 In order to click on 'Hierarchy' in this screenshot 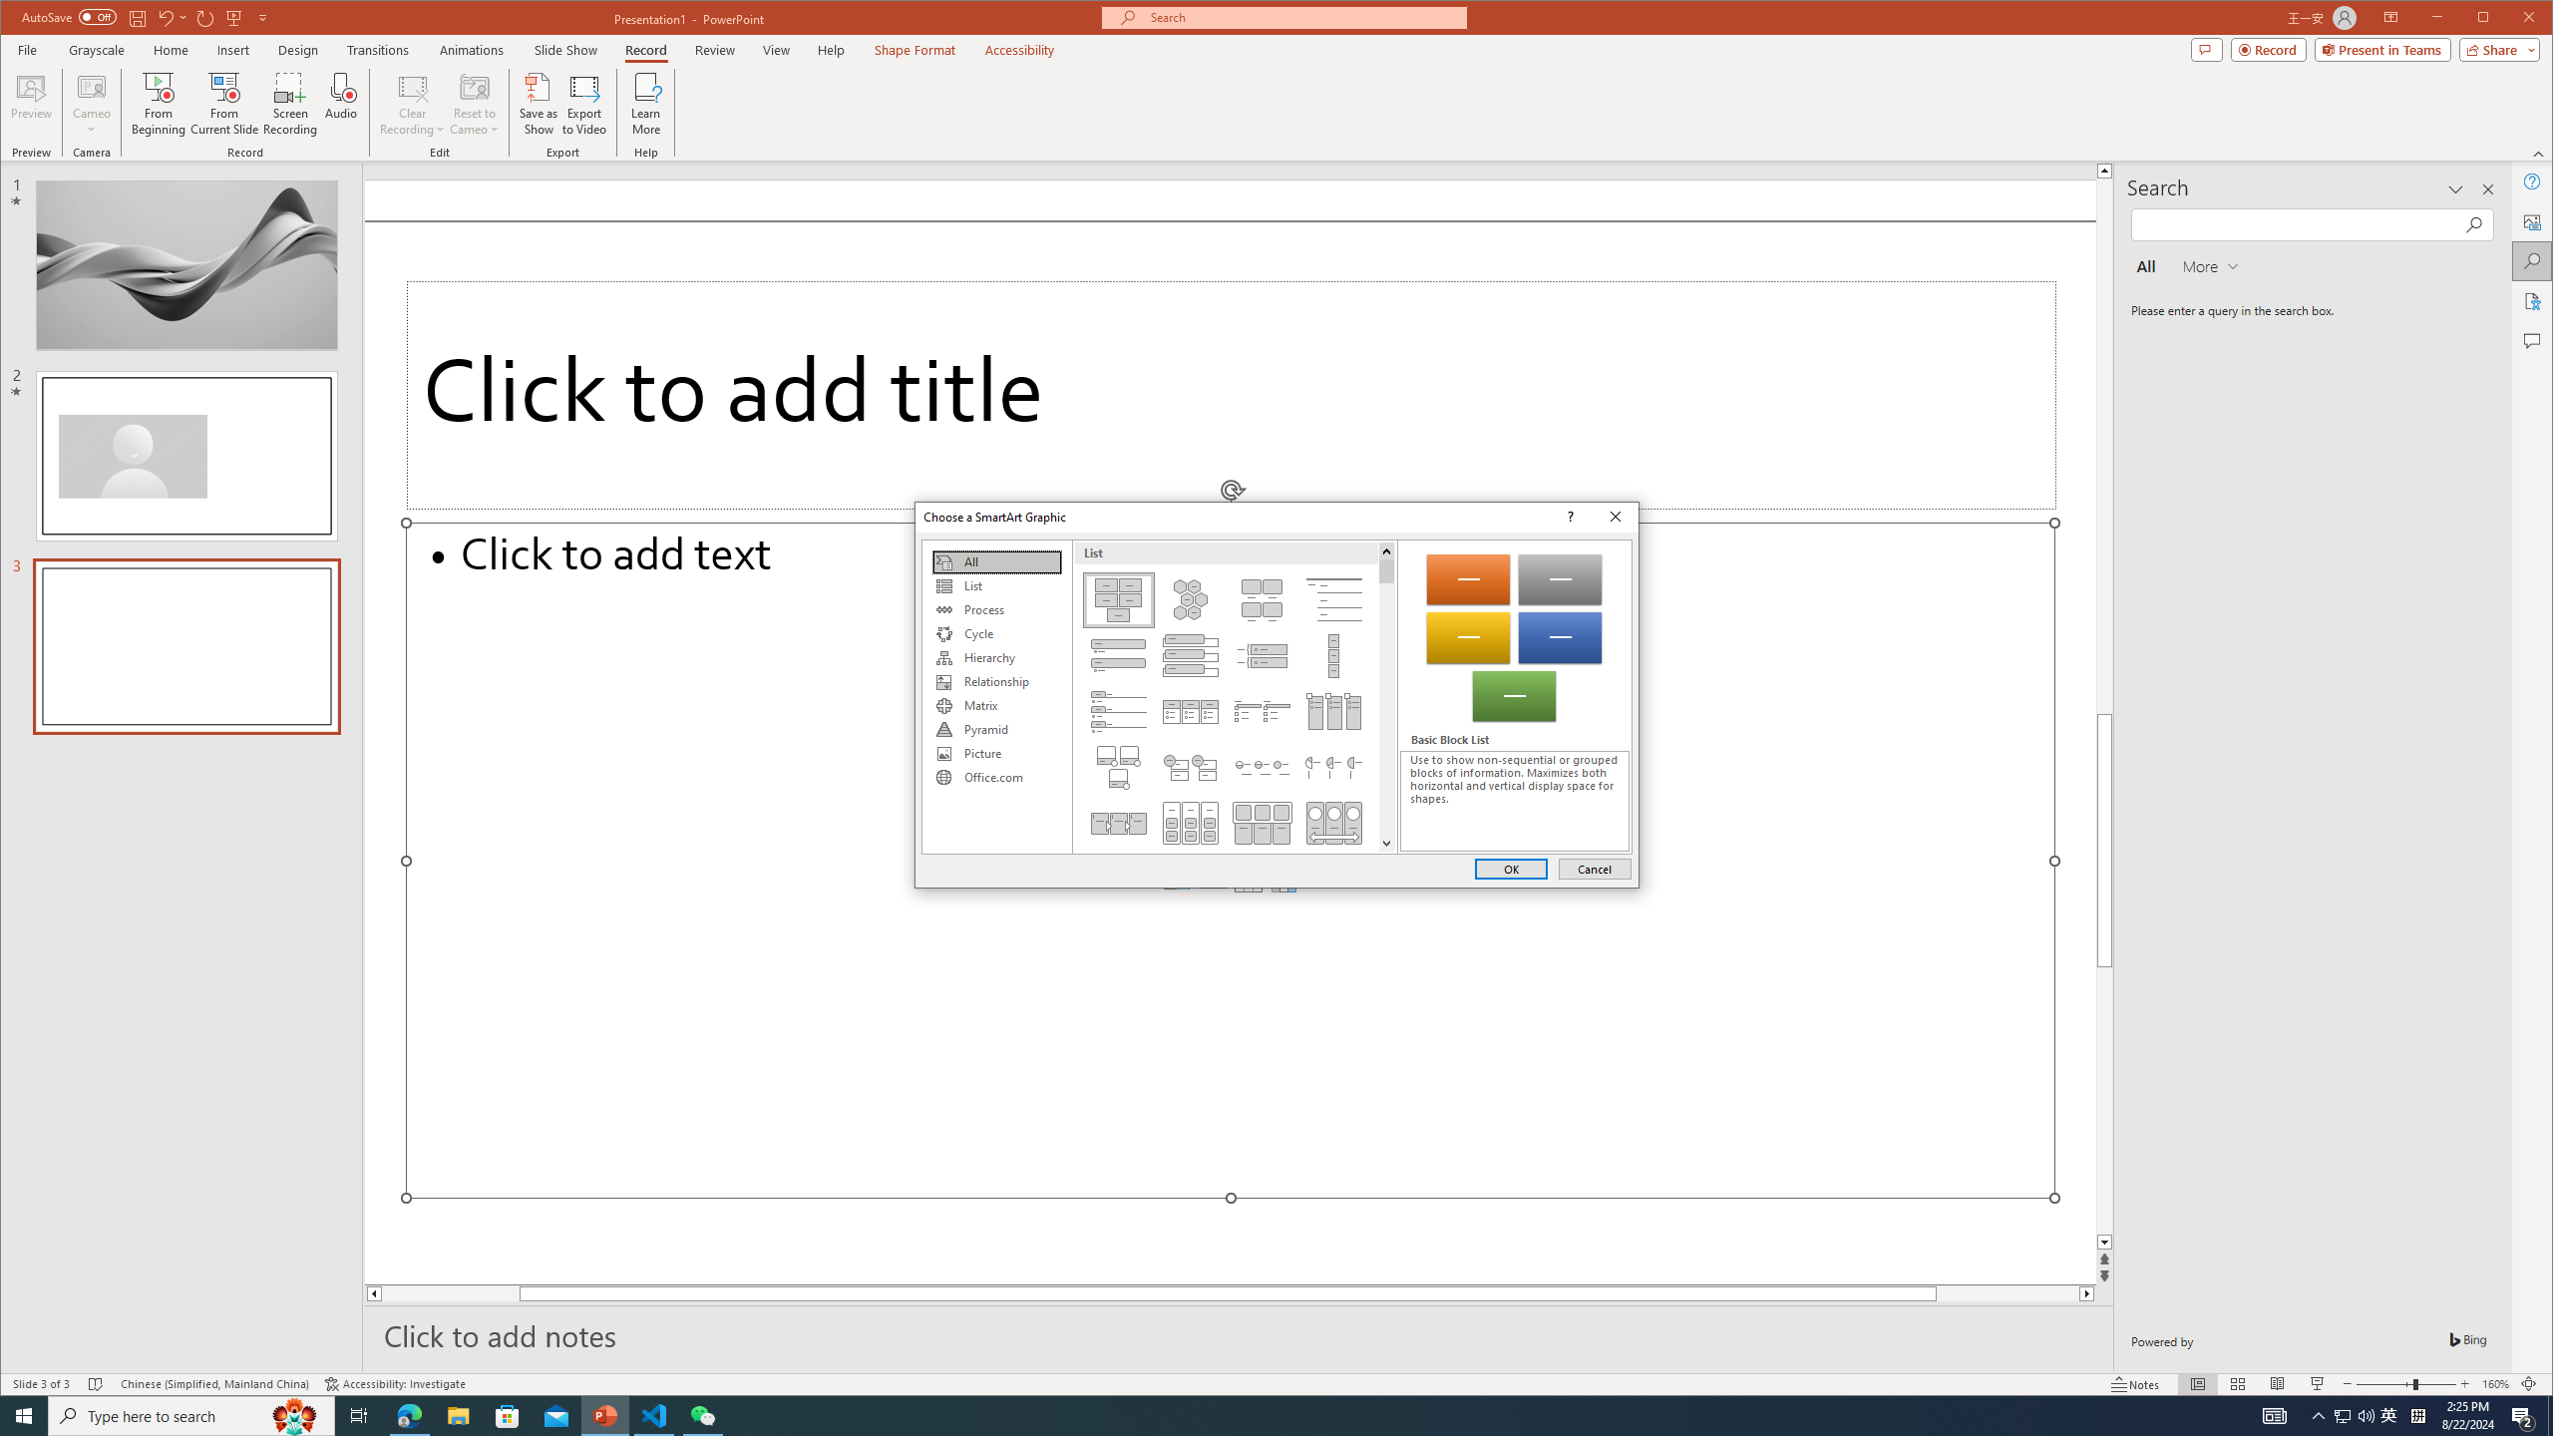, I will do `click(995, 657)`.